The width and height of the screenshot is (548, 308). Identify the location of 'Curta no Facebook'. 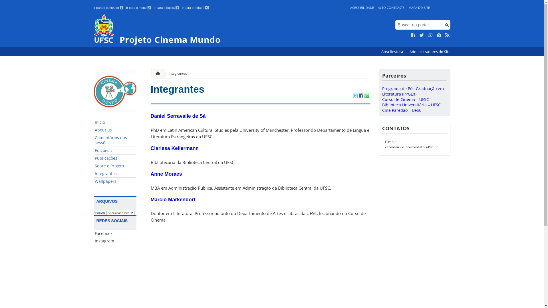
(411, 35).